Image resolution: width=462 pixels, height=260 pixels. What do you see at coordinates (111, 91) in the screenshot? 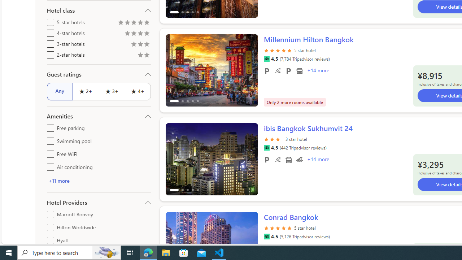
I see `'3+'` at bounding box center [111, 91].